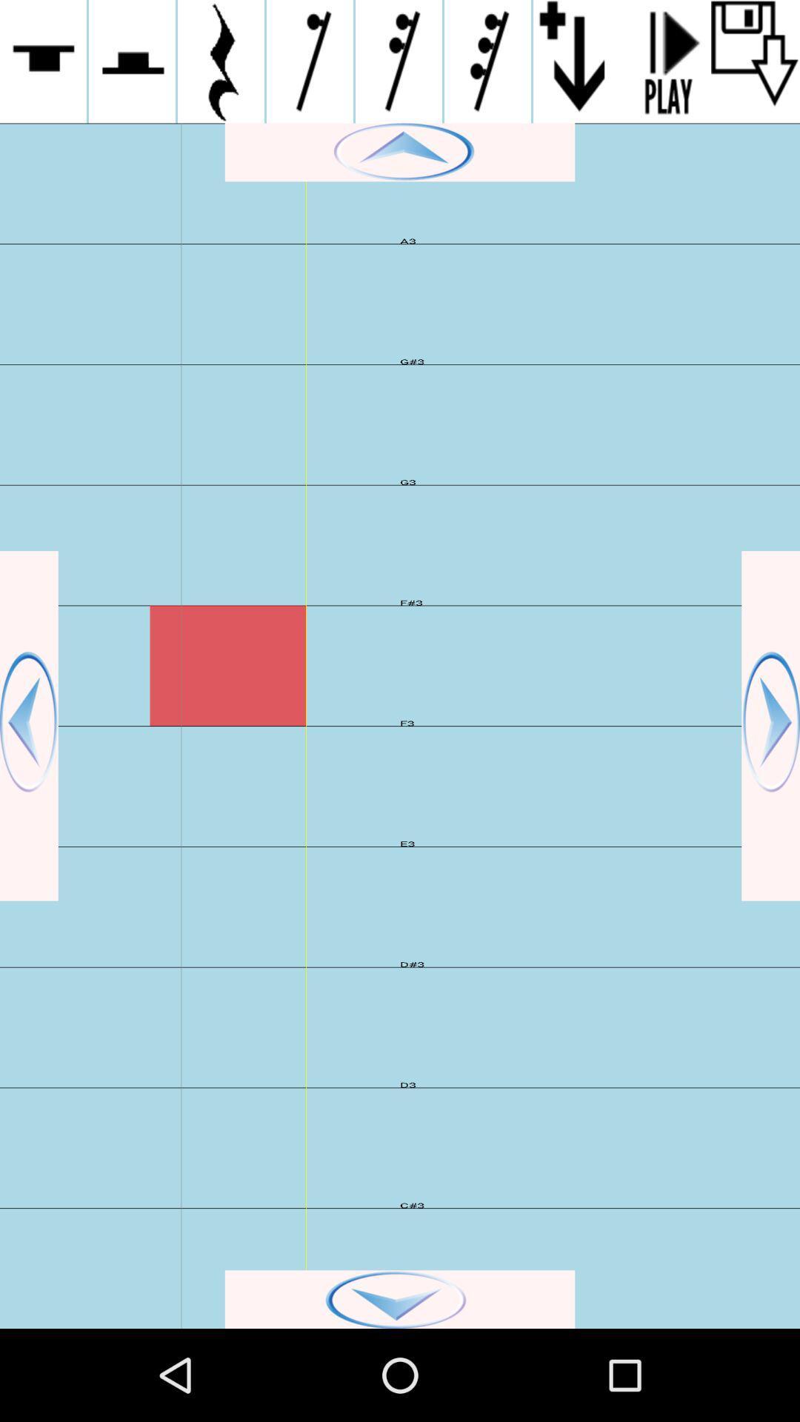  What do you see at coordinates (770, 726) in the screenshot?
I see `go back` at bounding box center [770, 726].